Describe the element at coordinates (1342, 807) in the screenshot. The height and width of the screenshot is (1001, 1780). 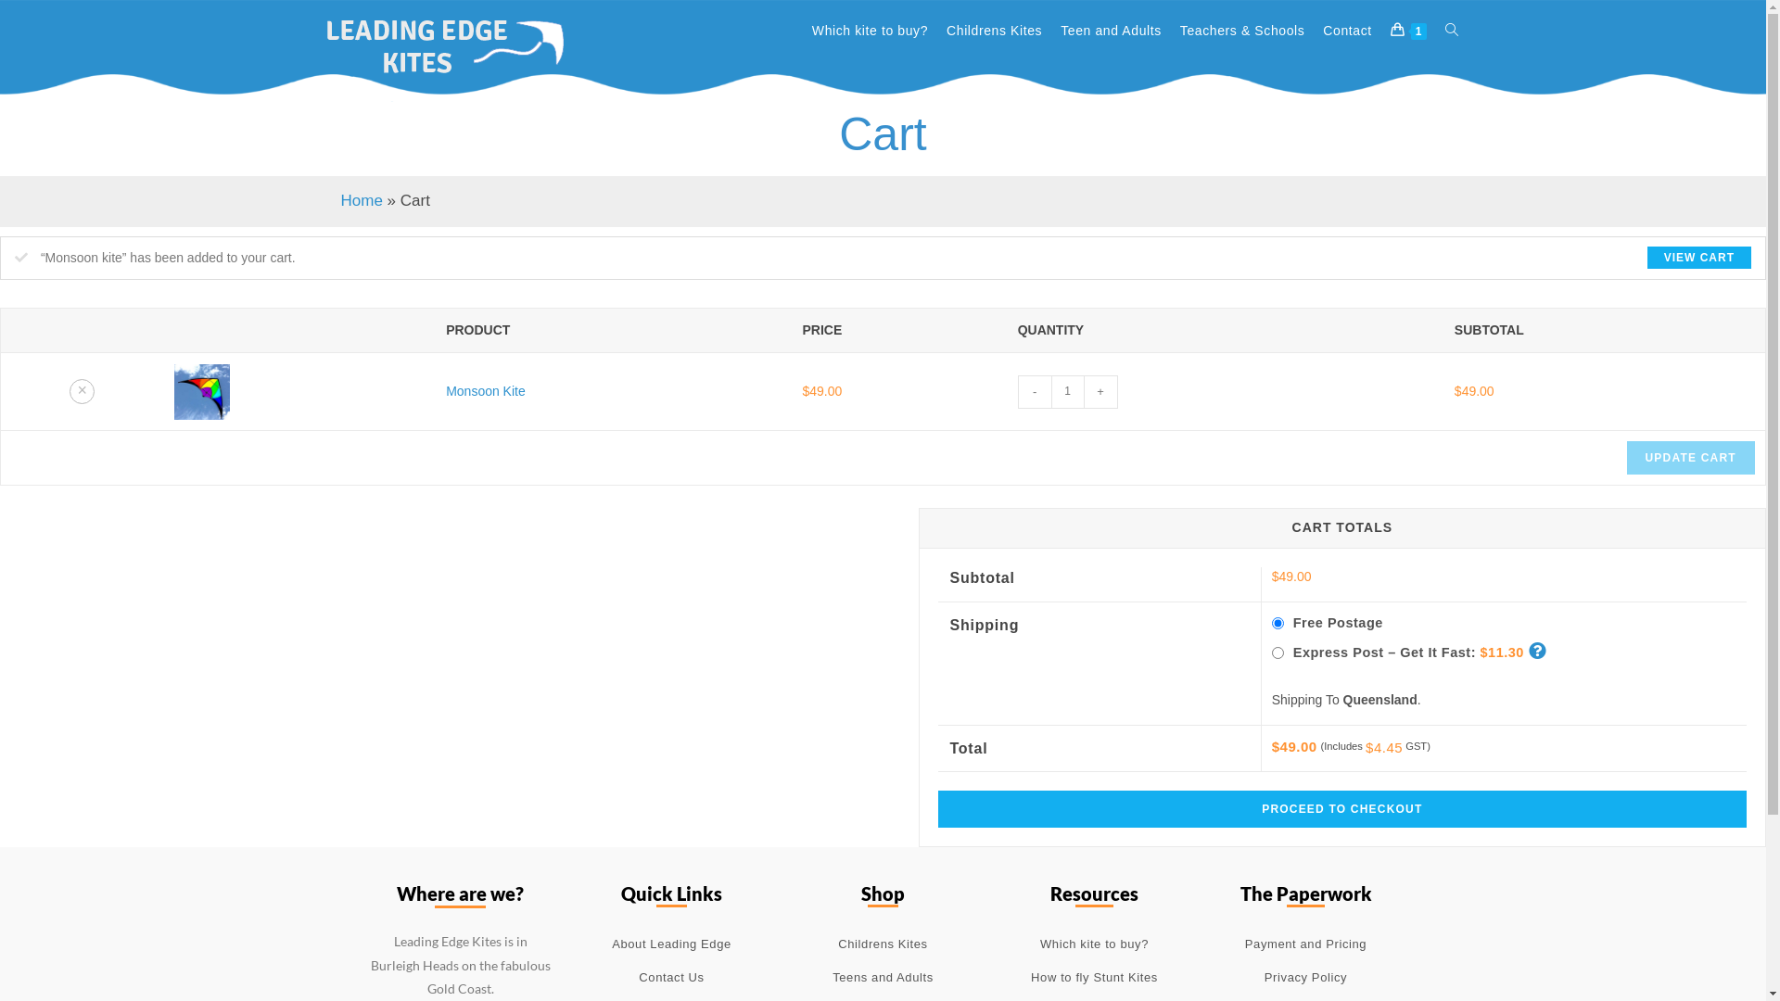
I see `'PROCEED TO CHECKOUT'` at that location.